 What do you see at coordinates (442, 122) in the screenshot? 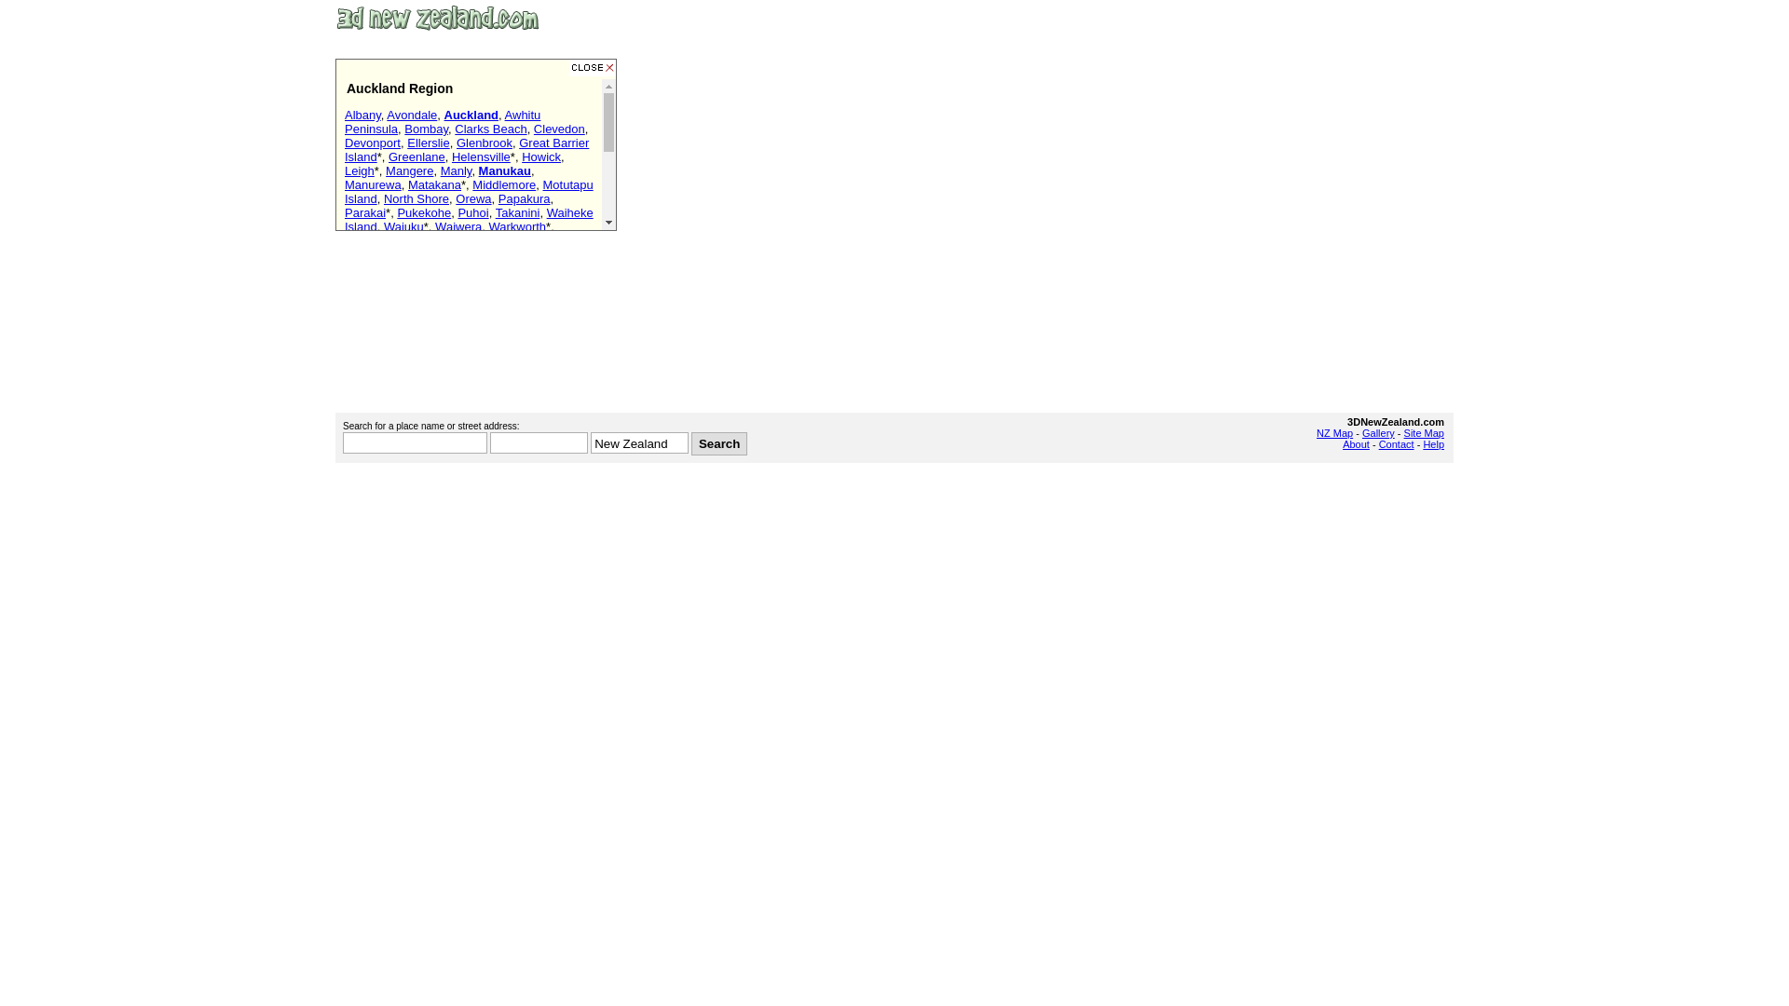
I see `'Awhitu Peninsula'` at bounding box center [442, 122].